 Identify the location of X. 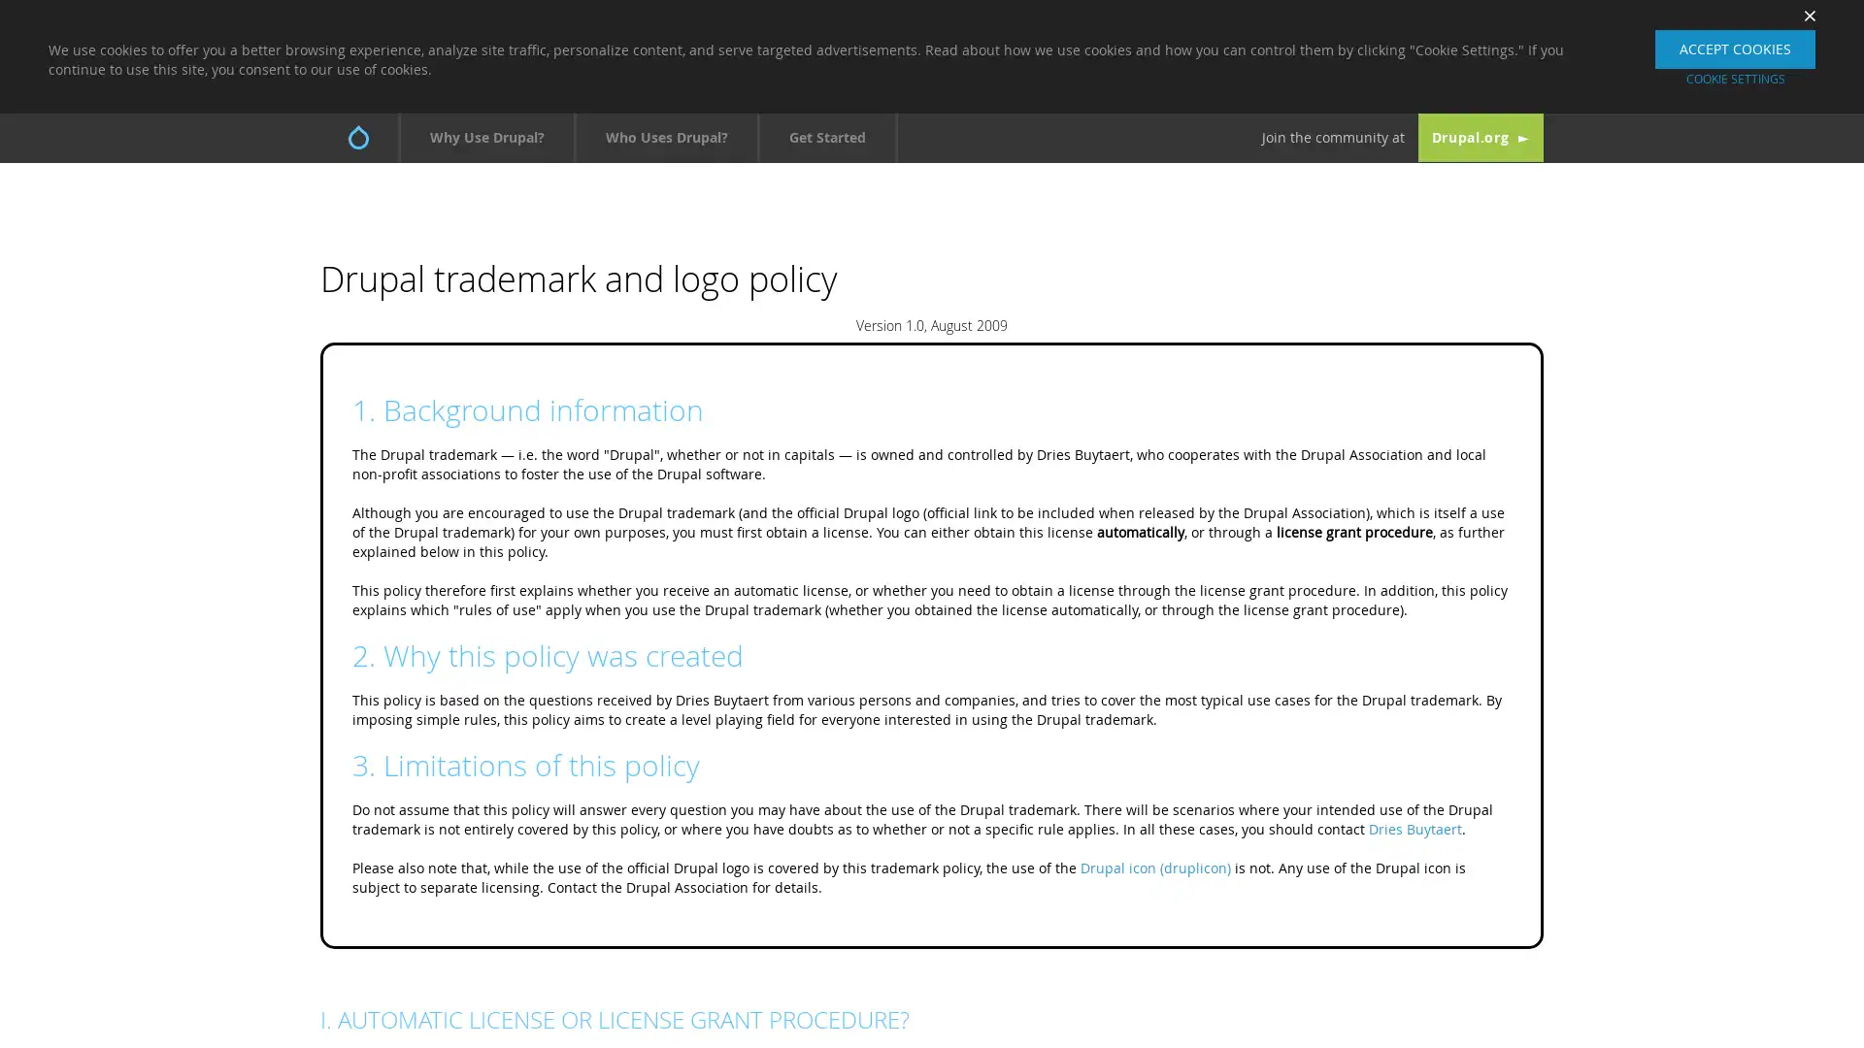
(1803, 15).